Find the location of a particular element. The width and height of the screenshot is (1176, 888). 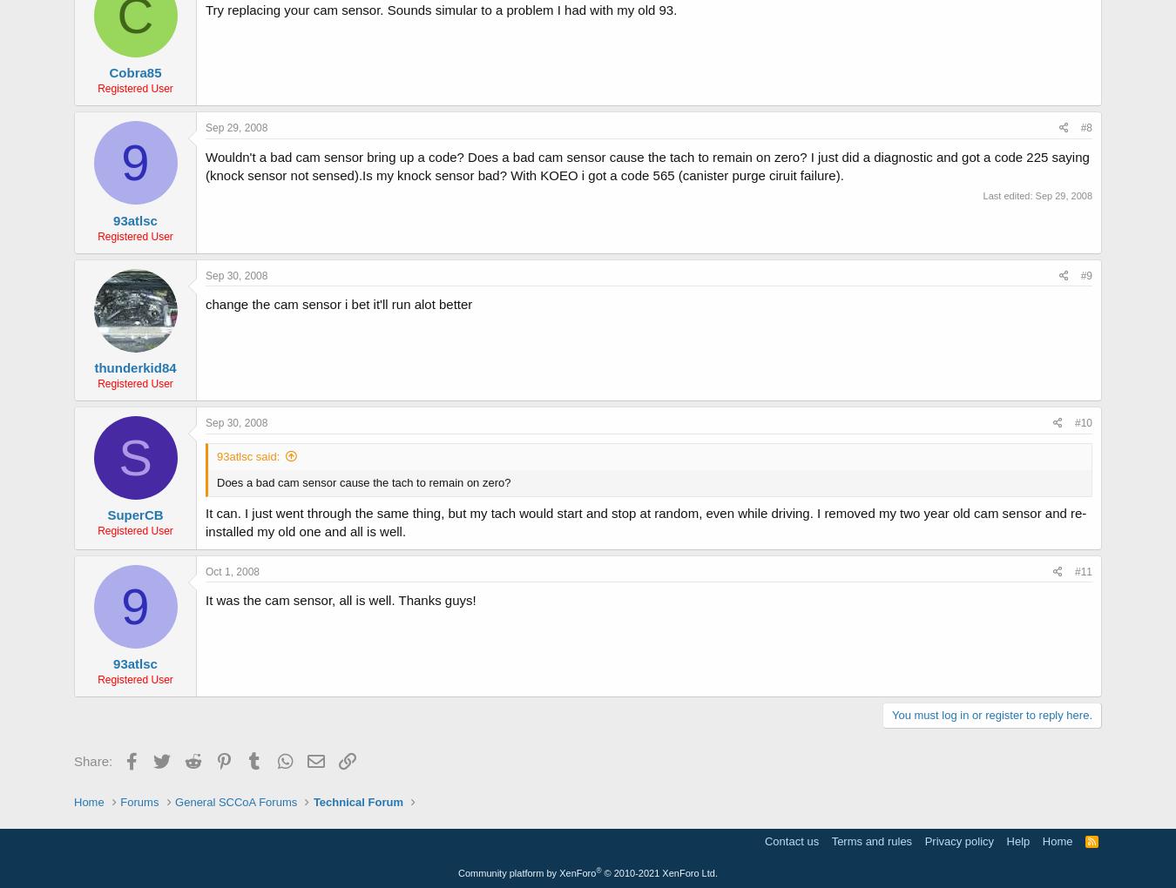

'Try replacing your cam sensor. Sounds simular to a problem I had with my old 93.' is located at coordinates (440, 8).